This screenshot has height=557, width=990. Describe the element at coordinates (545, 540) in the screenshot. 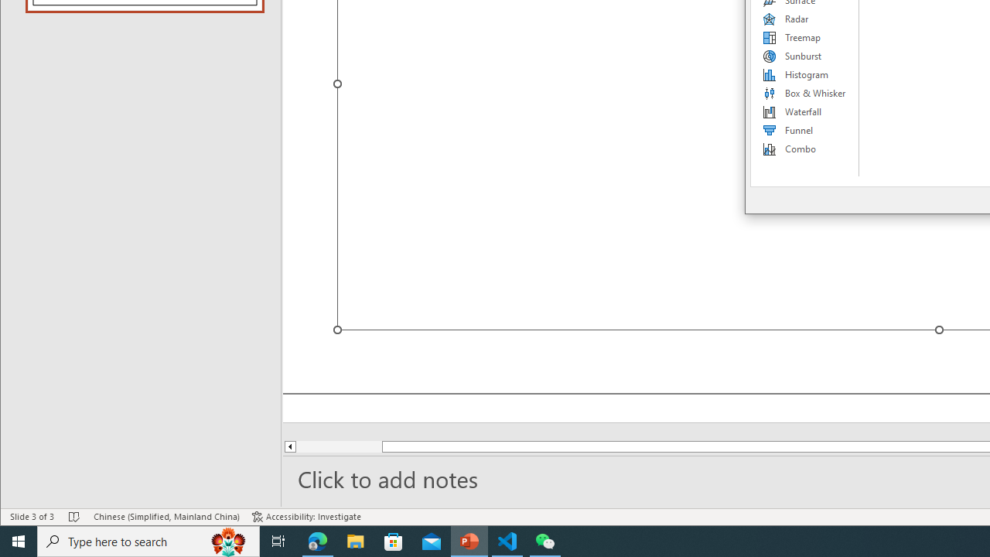

I see `'WeChat - 1 running window'` at that location.